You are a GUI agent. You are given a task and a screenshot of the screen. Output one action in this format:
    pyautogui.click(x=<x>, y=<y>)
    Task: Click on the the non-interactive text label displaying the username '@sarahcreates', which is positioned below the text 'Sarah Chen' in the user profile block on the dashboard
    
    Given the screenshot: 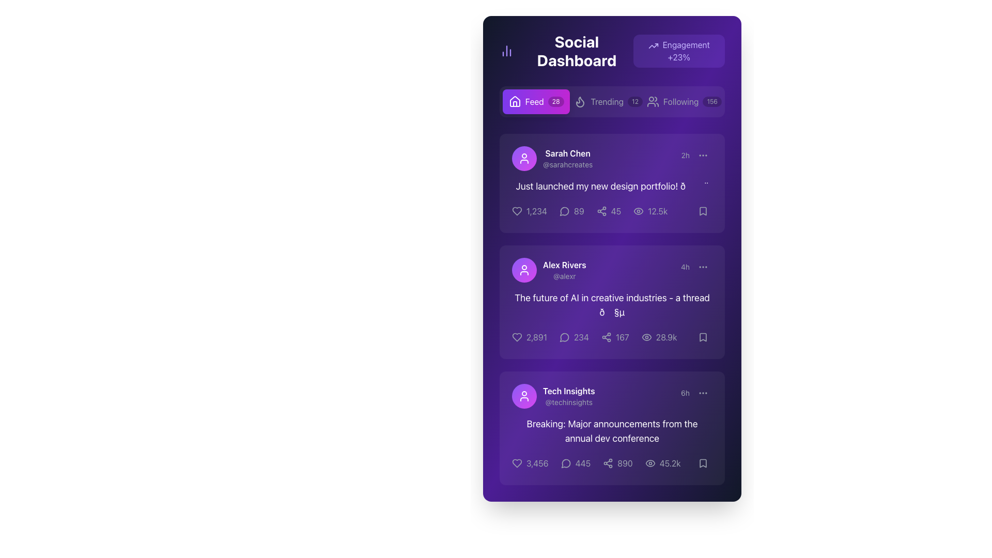 What is the action you would take?
    pyautogui.click(x=567, y=164)
    